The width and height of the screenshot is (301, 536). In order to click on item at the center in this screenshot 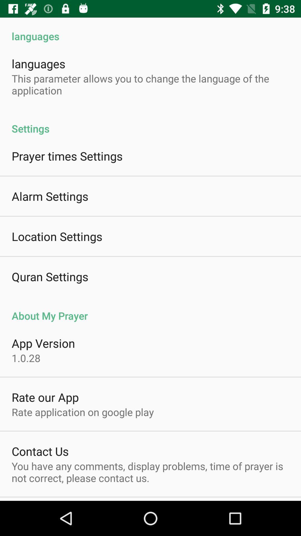, I will do `click(151, 309)`.